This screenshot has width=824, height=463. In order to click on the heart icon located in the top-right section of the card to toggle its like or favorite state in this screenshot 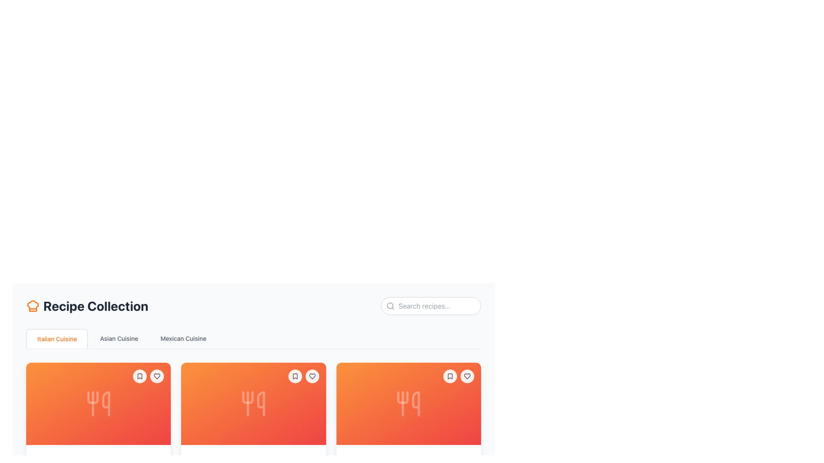, I will do `click(157, 376)`.